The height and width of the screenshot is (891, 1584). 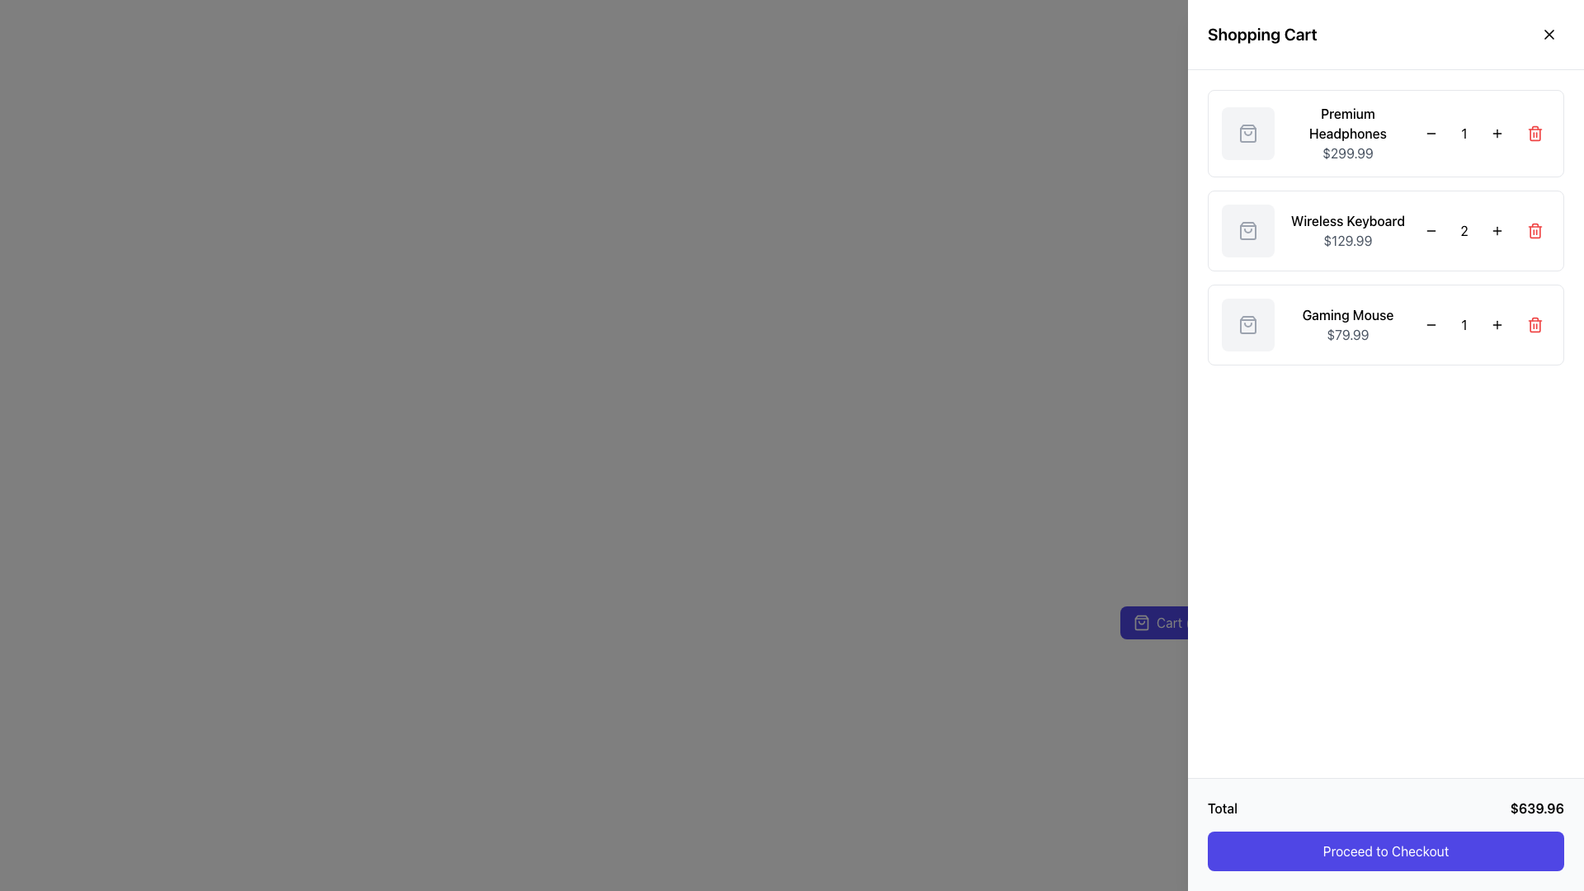 What do you see at coordinates (1497, 324) in the screenshot?
I see `the plus icon button to the right of the quantity '1' for the 'Gaming Mouse' in the shopping cart to increase the quantity` at bounding box center [1497, 324].